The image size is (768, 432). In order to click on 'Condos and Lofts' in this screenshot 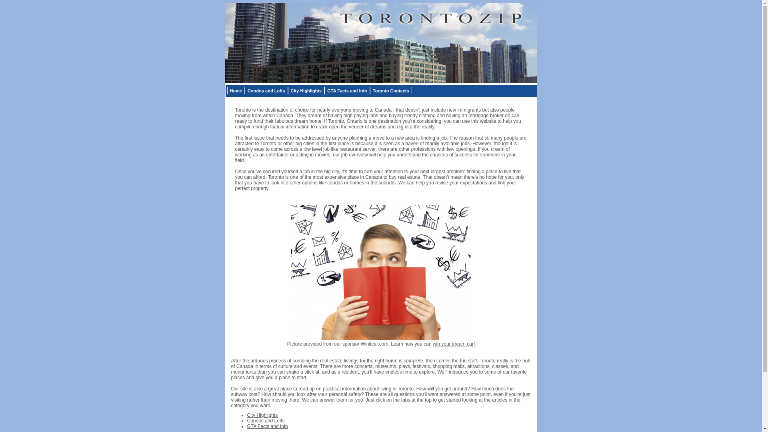, I will do `click(266, 90)`.